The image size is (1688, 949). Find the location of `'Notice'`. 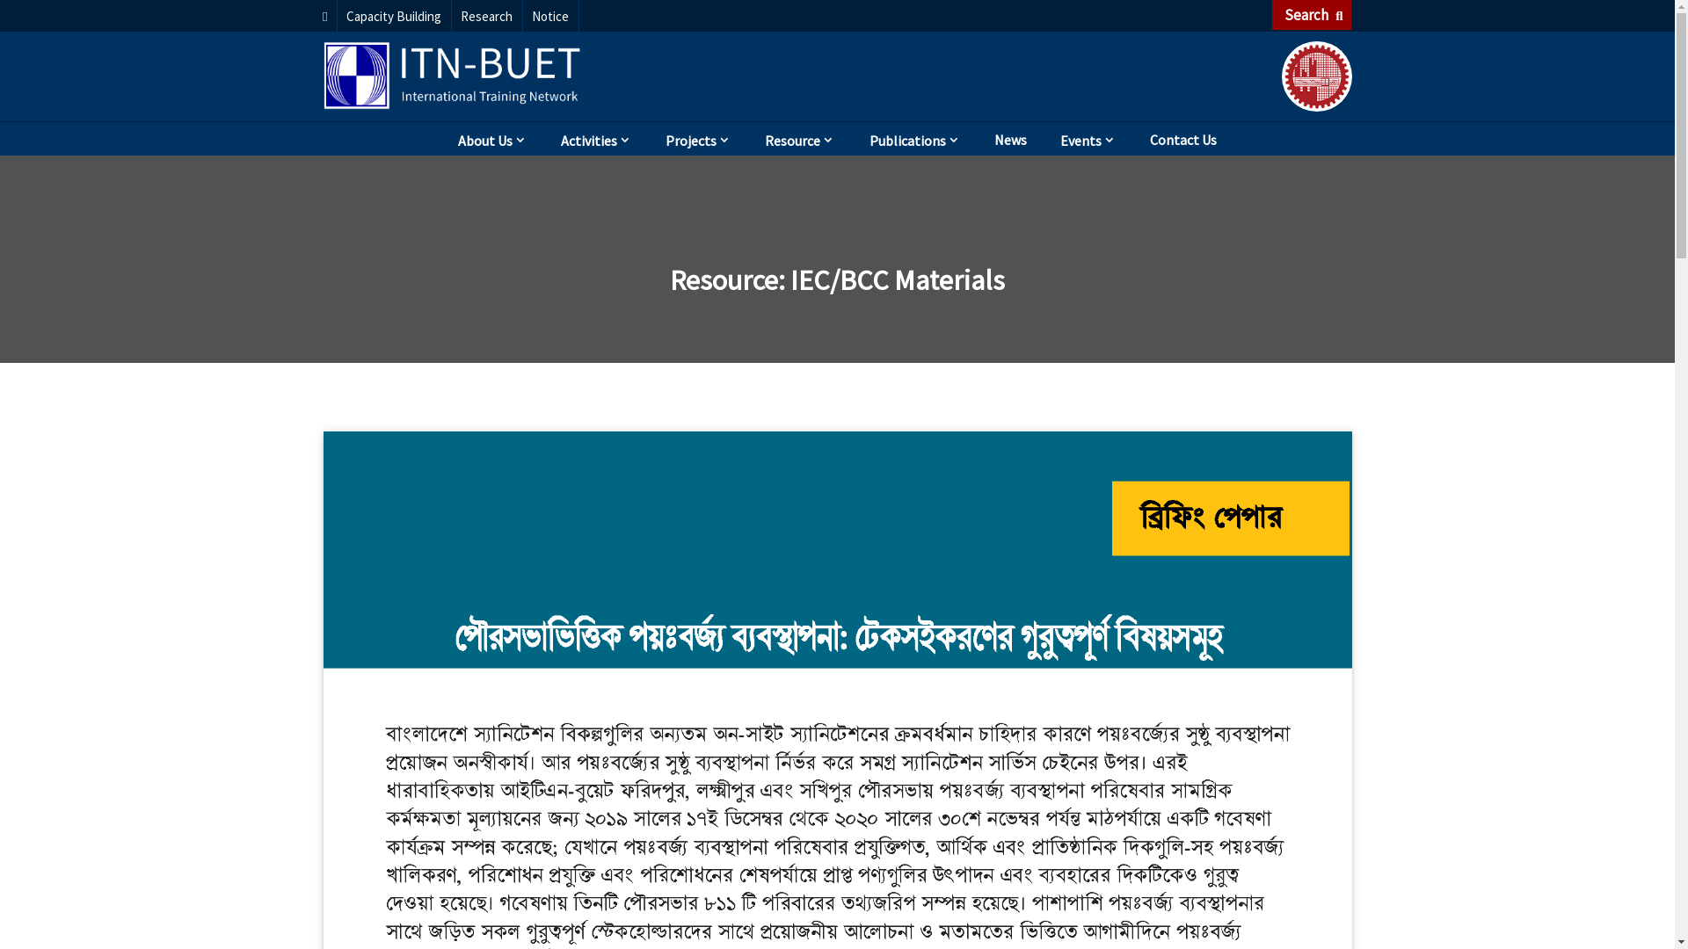

'Notice' is located at coordinates (550, 16).